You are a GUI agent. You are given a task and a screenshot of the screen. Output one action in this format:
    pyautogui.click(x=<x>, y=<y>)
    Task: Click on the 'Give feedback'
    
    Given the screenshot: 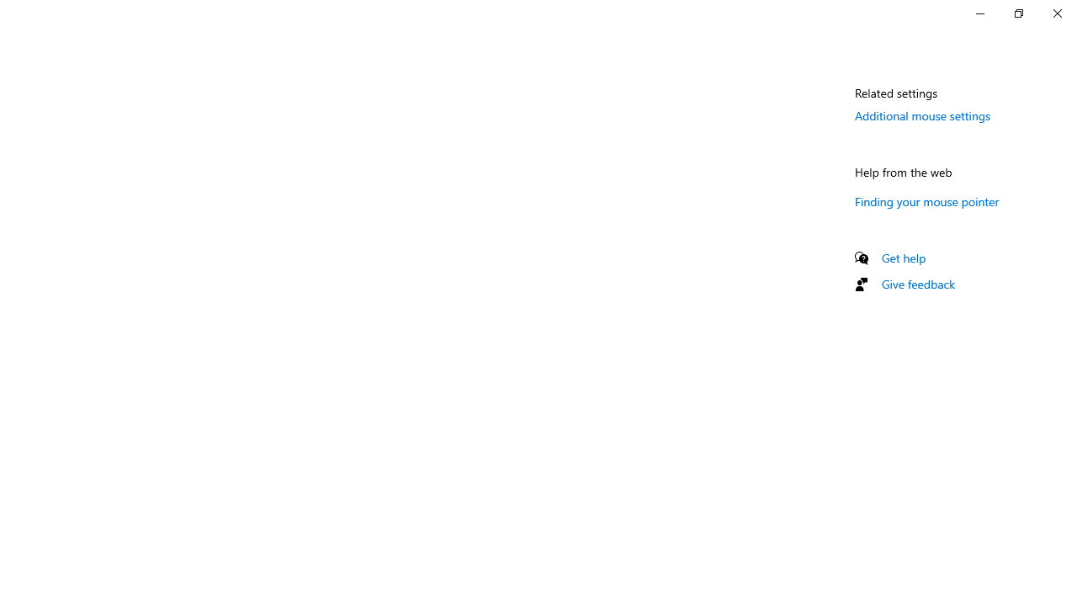 What is the action you would take?
    pyautogui.click(x=917, y=283)
    